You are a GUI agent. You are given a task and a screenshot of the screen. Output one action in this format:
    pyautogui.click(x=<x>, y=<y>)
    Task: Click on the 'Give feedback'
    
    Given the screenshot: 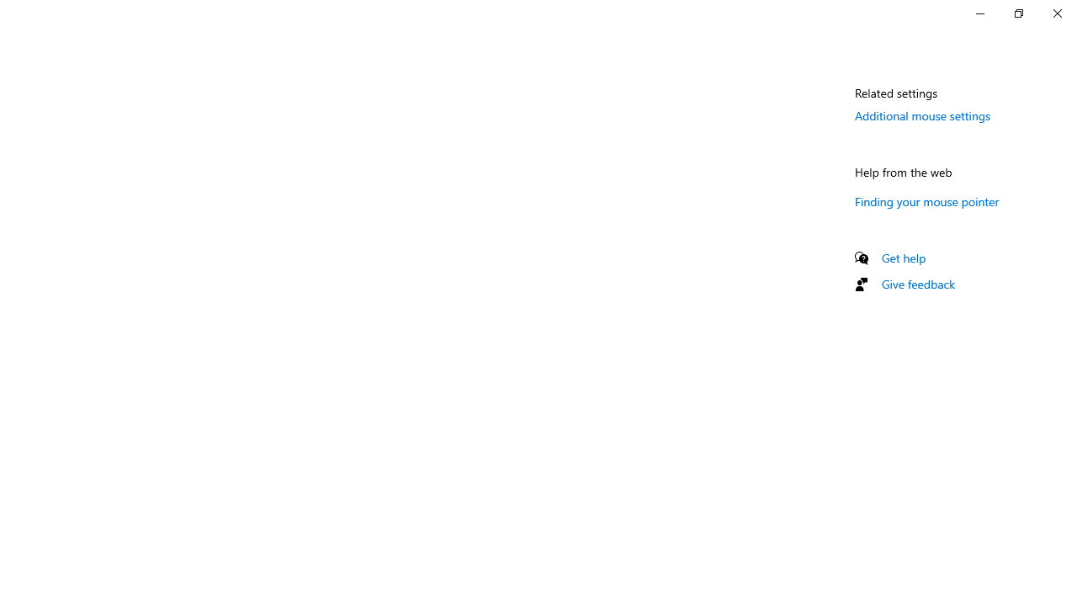 What is the action you would take?
    pyautogui.click(x=917, y=283)
    